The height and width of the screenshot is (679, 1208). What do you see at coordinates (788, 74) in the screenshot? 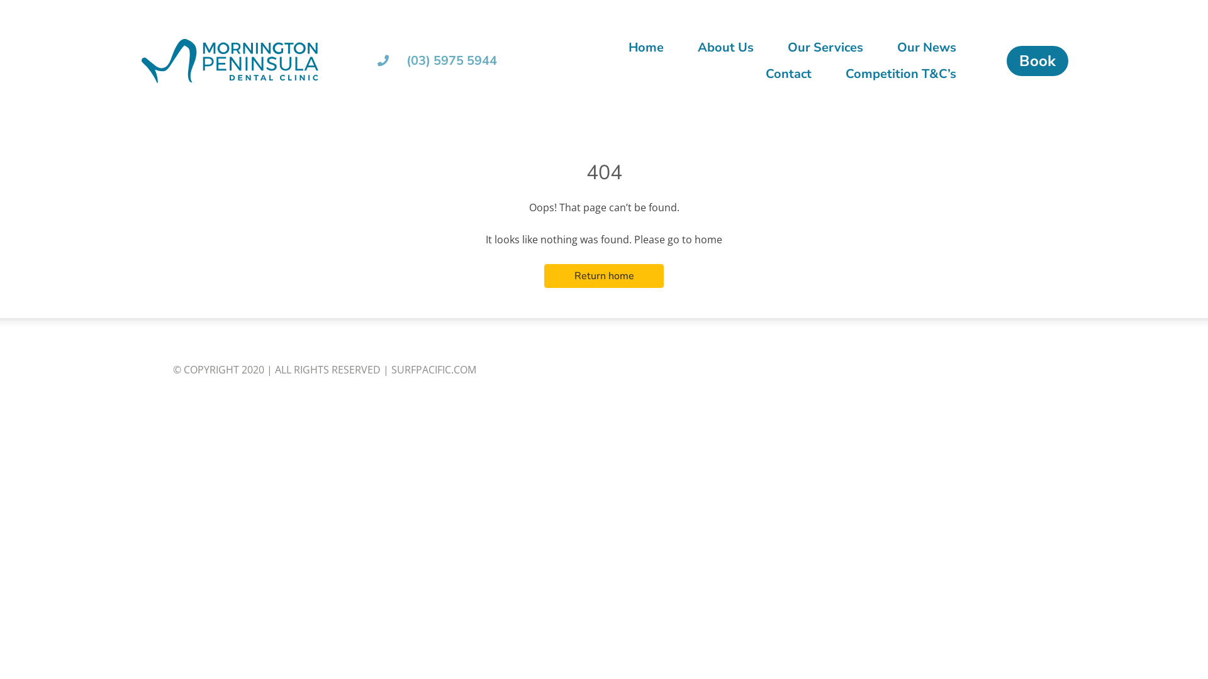
I see `'Contact'` at bounding box center [788, 74].